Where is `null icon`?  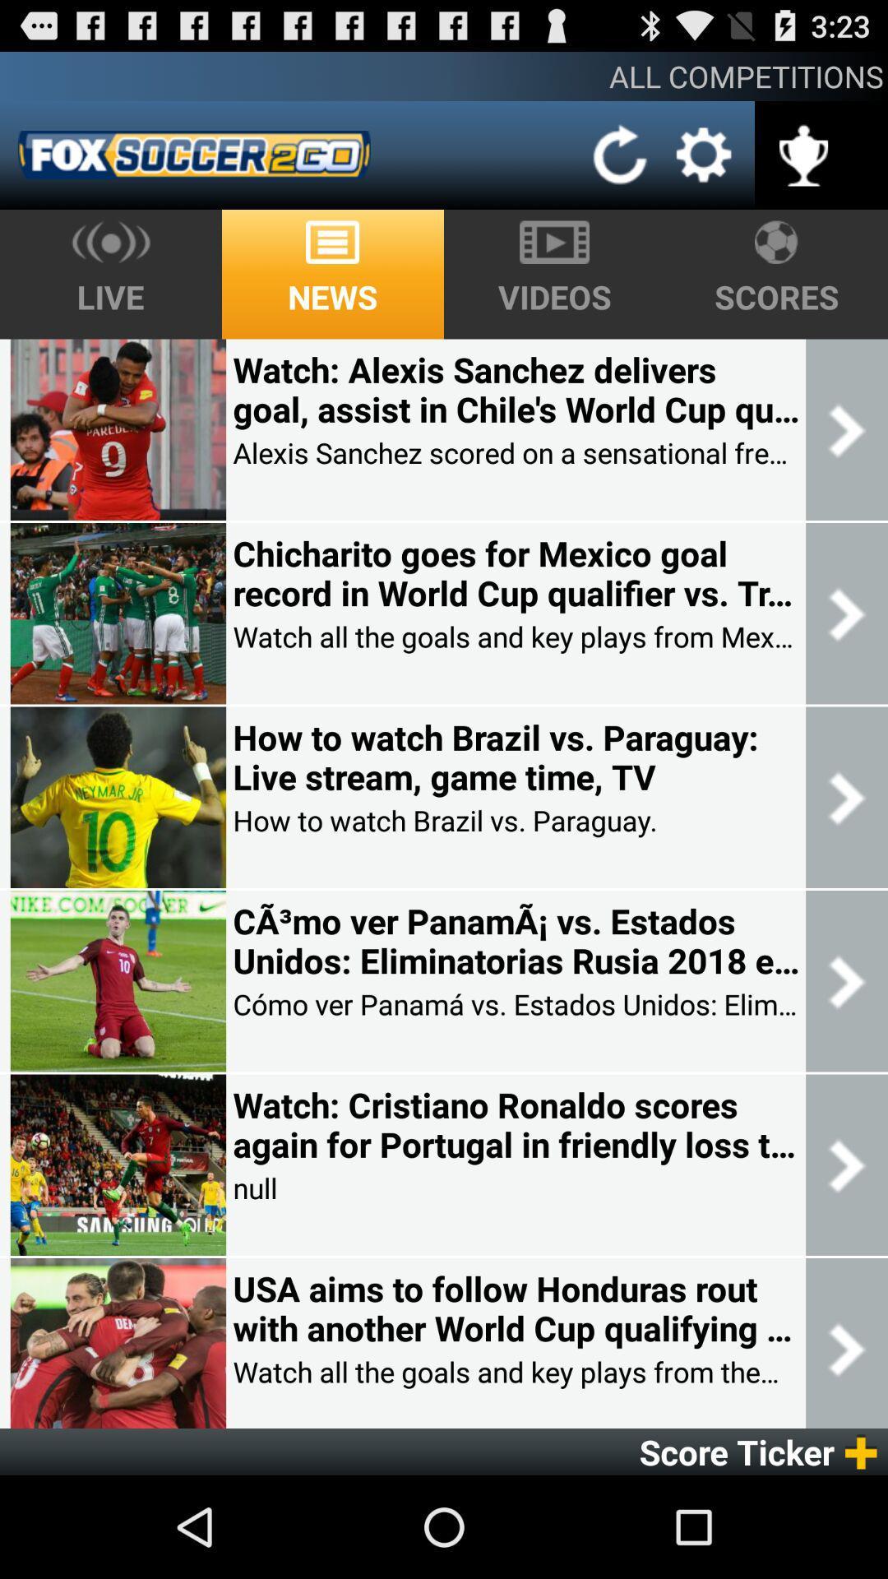
null icon is located at coordinates (255, 1188).